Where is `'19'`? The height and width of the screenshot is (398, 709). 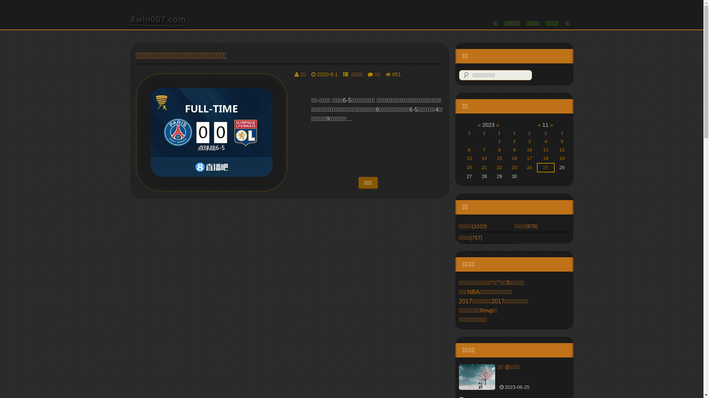 '19' is located at coordinates (561, 158).